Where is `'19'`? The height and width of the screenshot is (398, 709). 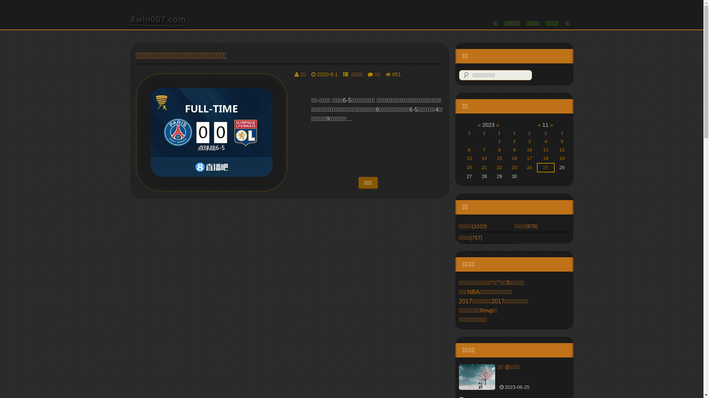 '19' is located at coordinates (561, 158).